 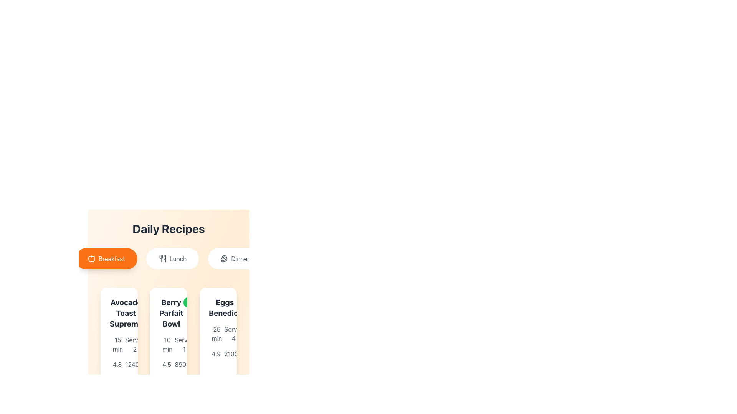 What do you see at coordinates (174, 364) in the screenshot?
I see `the popularity metric icon with adjacent text on the second recipe card in the grid under 'Daily Recipes'` at bounding box center [174, 364].